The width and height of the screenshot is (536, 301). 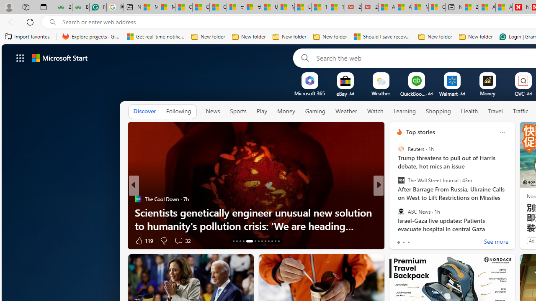 What do you see at coordinates (272, 241) in the screenshot?
I see `'AutomationID: tab-23'` at bounding box center [272, 241].